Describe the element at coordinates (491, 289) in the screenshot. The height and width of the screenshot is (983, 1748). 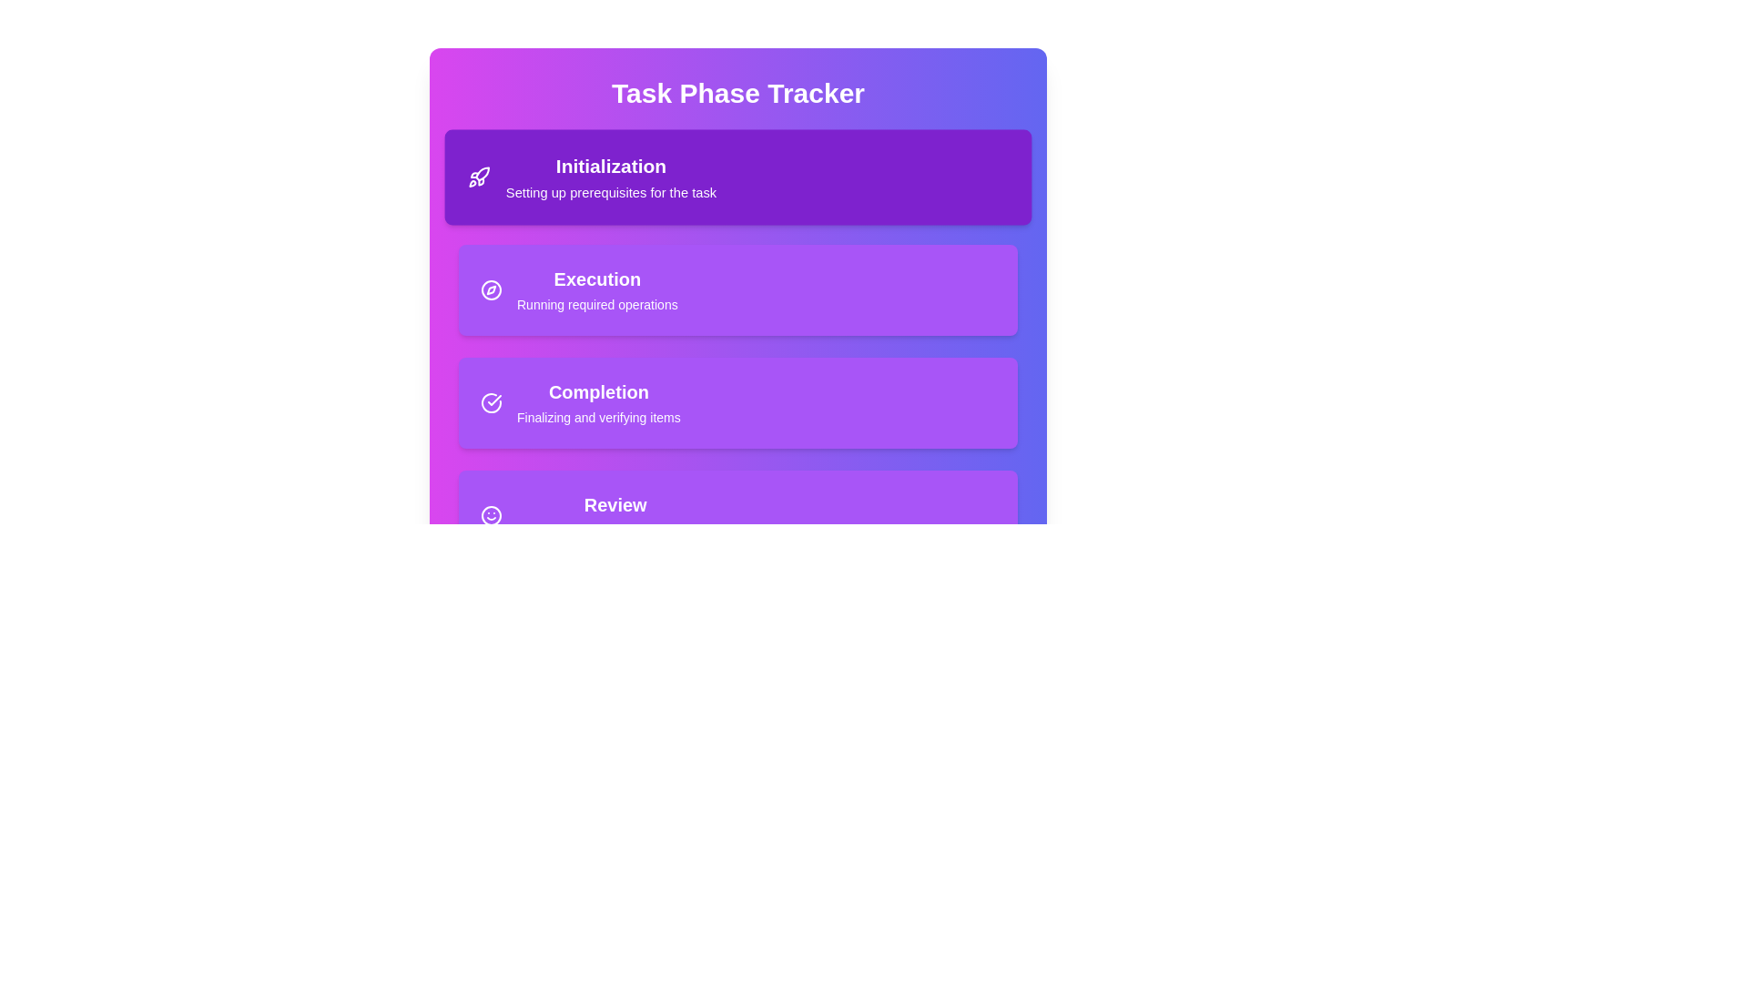
I see `the circular SVG graphical component that serves as a decorative marker within the compass icon in the 'Execution' row` at that location.